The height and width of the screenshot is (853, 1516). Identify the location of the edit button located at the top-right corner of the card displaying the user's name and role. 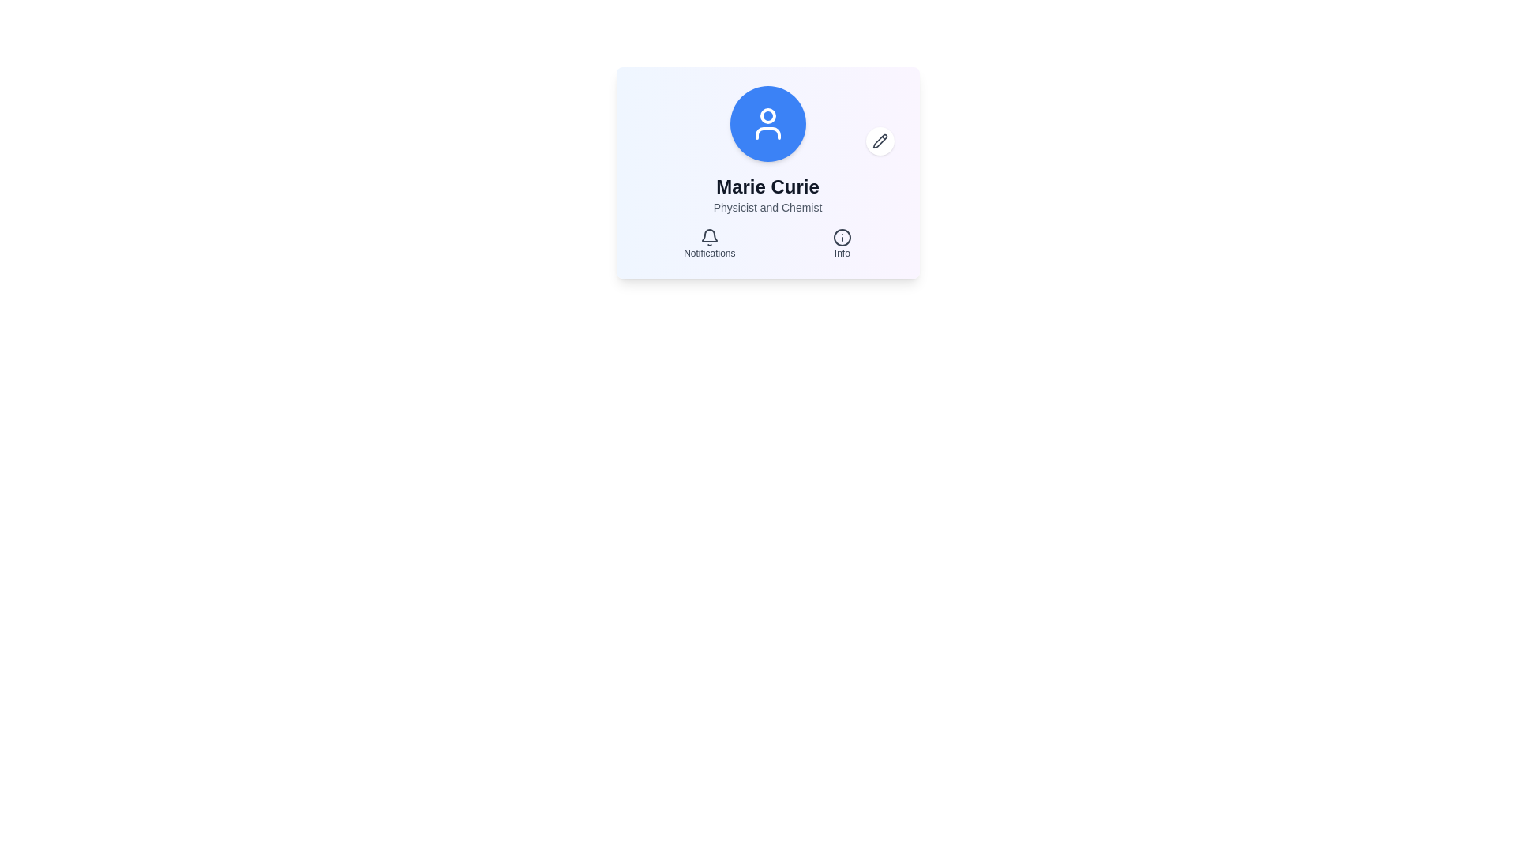
(879, 140).